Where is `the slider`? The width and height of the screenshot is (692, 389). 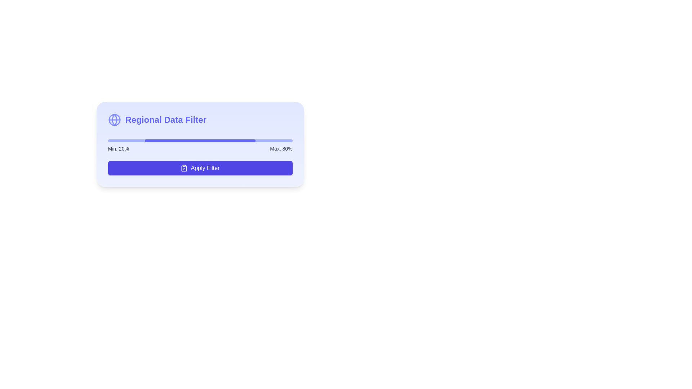
the slider is located at coordinates (121, 139).